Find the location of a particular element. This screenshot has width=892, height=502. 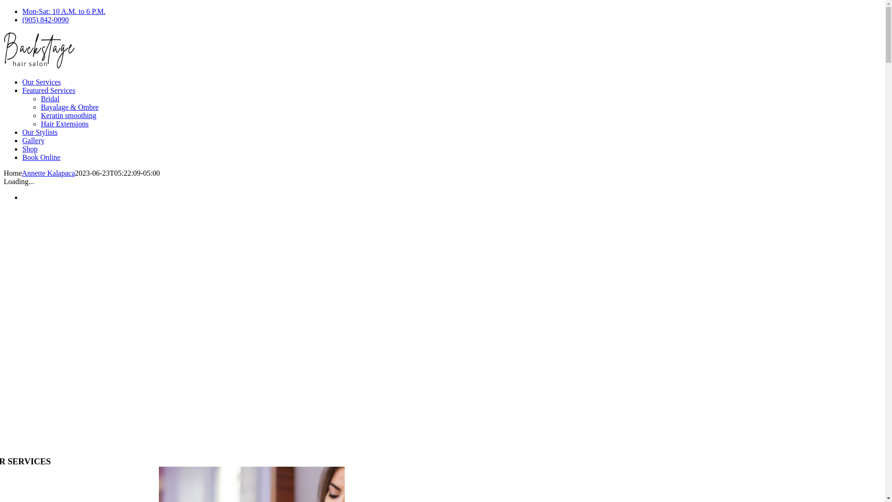

'Hair Extensions' is located at coordinates (64, 123).